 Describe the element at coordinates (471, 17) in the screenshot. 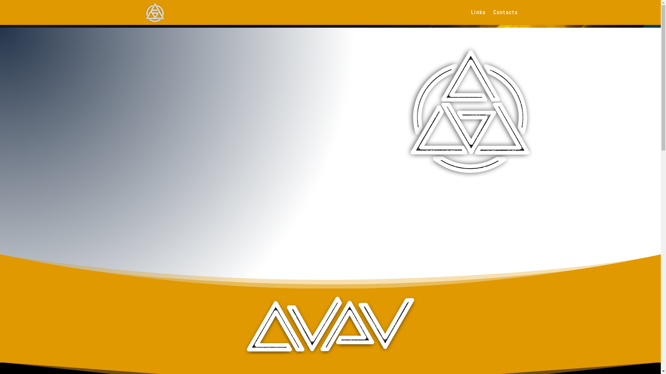

I see `'Links'` at that location.